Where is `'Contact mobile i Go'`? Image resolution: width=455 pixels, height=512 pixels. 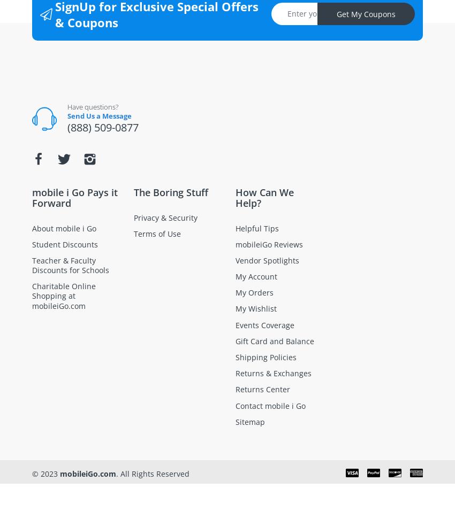 'Contact mobile i Go' is located at coordinates (270, 405).